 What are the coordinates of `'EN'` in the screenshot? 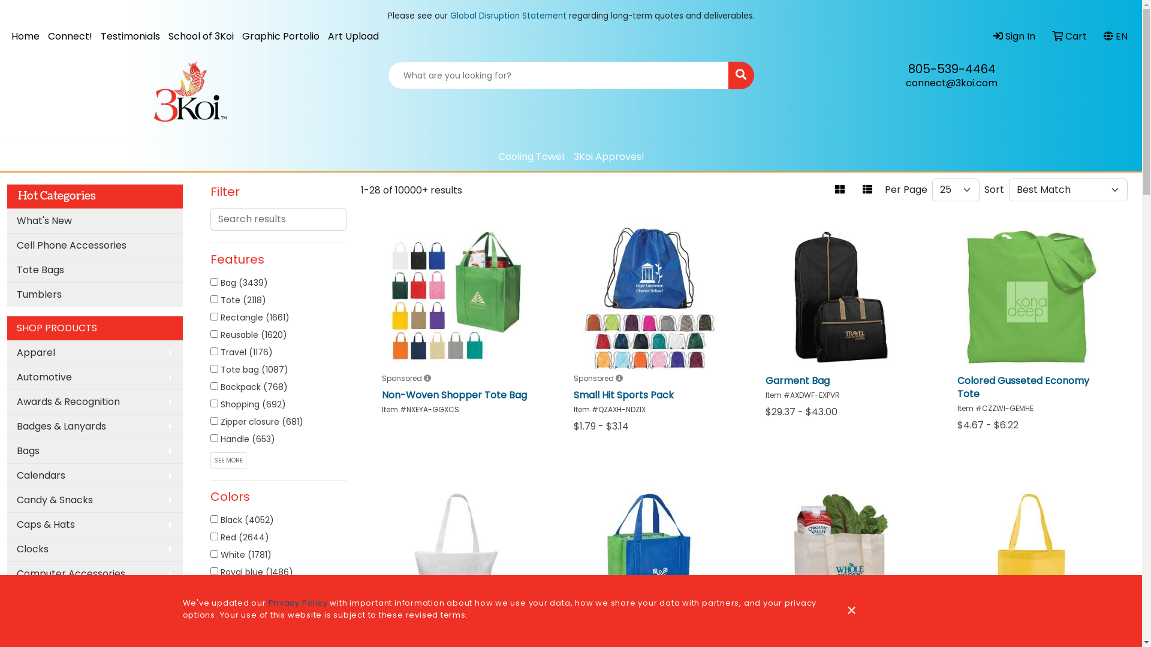 It's located at (1115, 36).